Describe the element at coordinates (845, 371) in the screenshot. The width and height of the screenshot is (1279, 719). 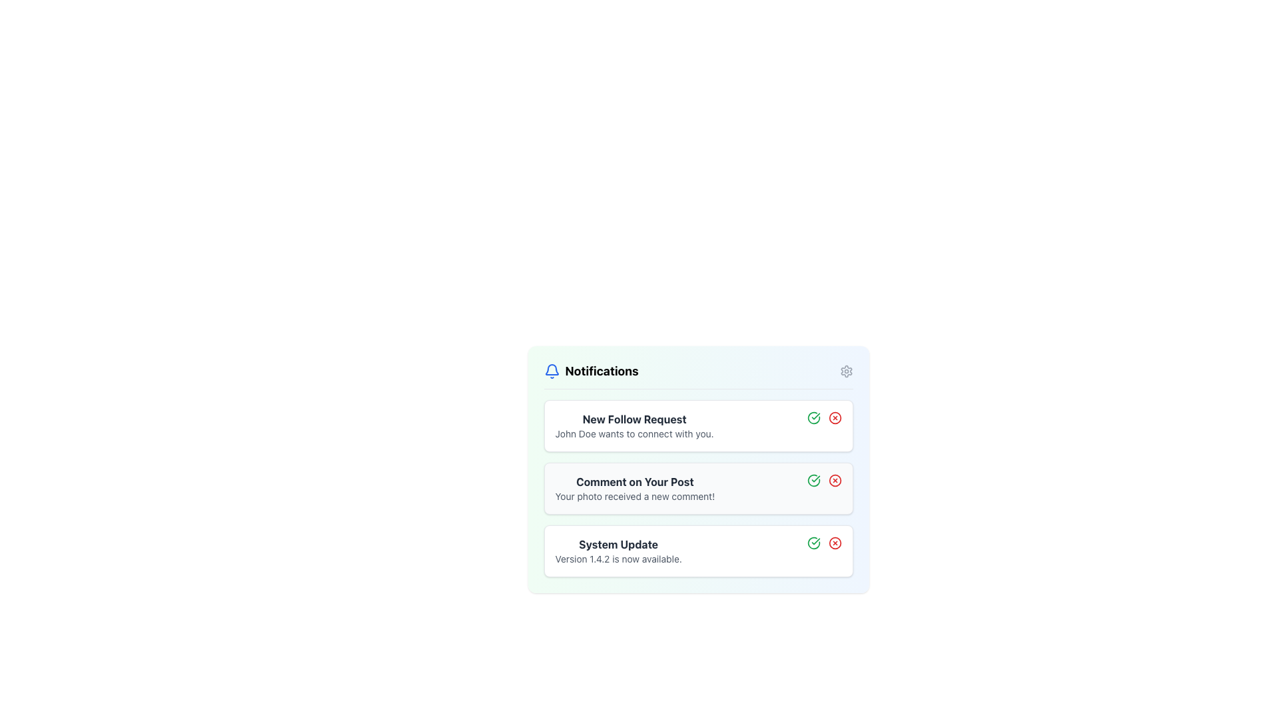
I see `the settings button located in the top-right corner of the 'Notifications' section` at that location.